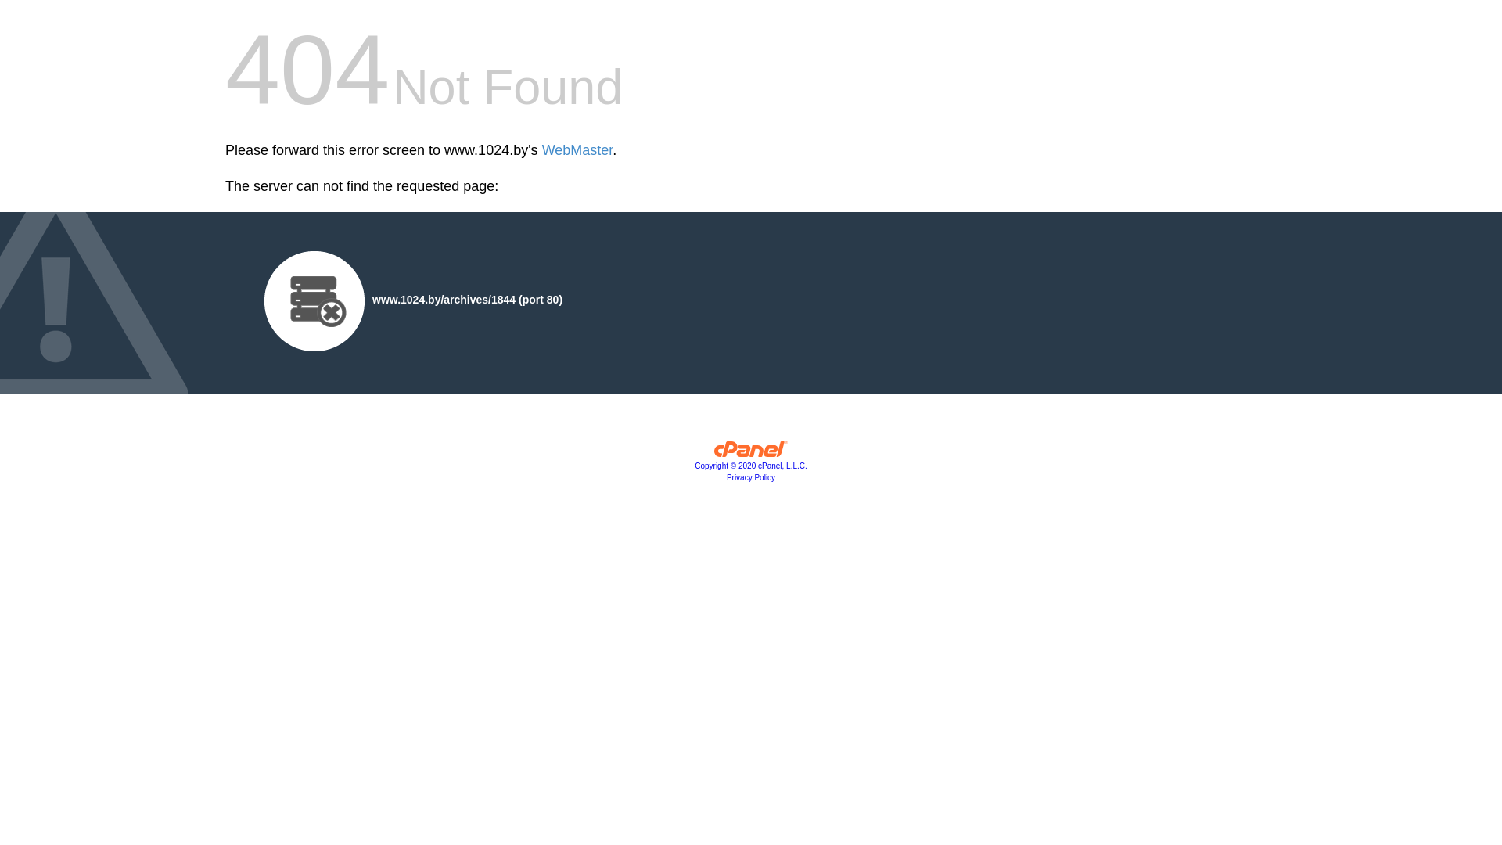 This screenshot has width=1502, height=845. Describe the element at coordinates (751, 452) in the screenshot. I see `'cPanel, Inc.'` at that location.